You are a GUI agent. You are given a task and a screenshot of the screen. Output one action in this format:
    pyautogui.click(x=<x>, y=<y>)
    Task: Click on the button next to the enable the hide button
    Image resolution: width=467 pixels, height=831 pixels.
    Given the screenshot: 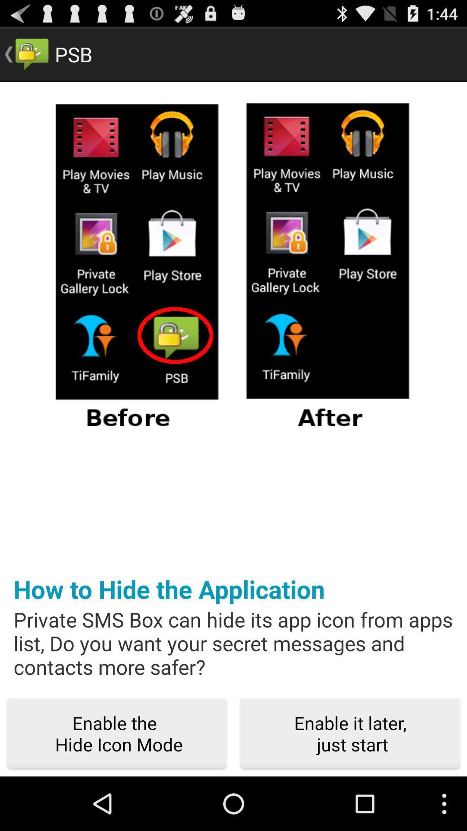 What is the action you would take?
    pyautogui.click(x=350, y=734)
    